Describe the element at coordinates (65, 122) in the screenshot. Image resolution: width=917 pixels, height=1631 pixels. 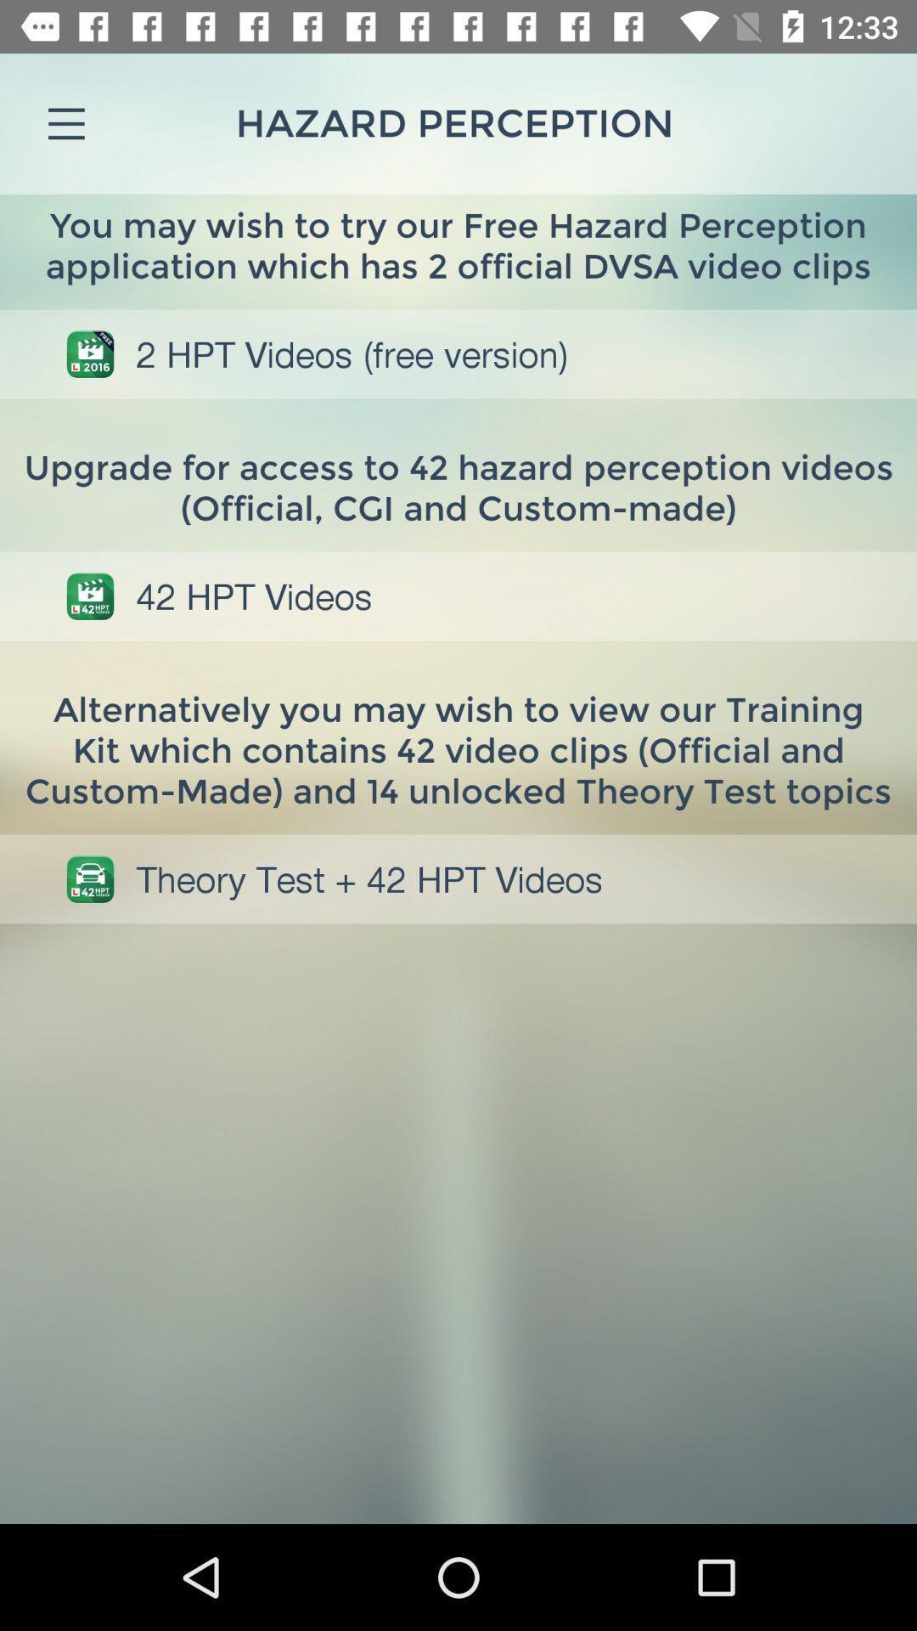
I see `the menu bar` at that location.